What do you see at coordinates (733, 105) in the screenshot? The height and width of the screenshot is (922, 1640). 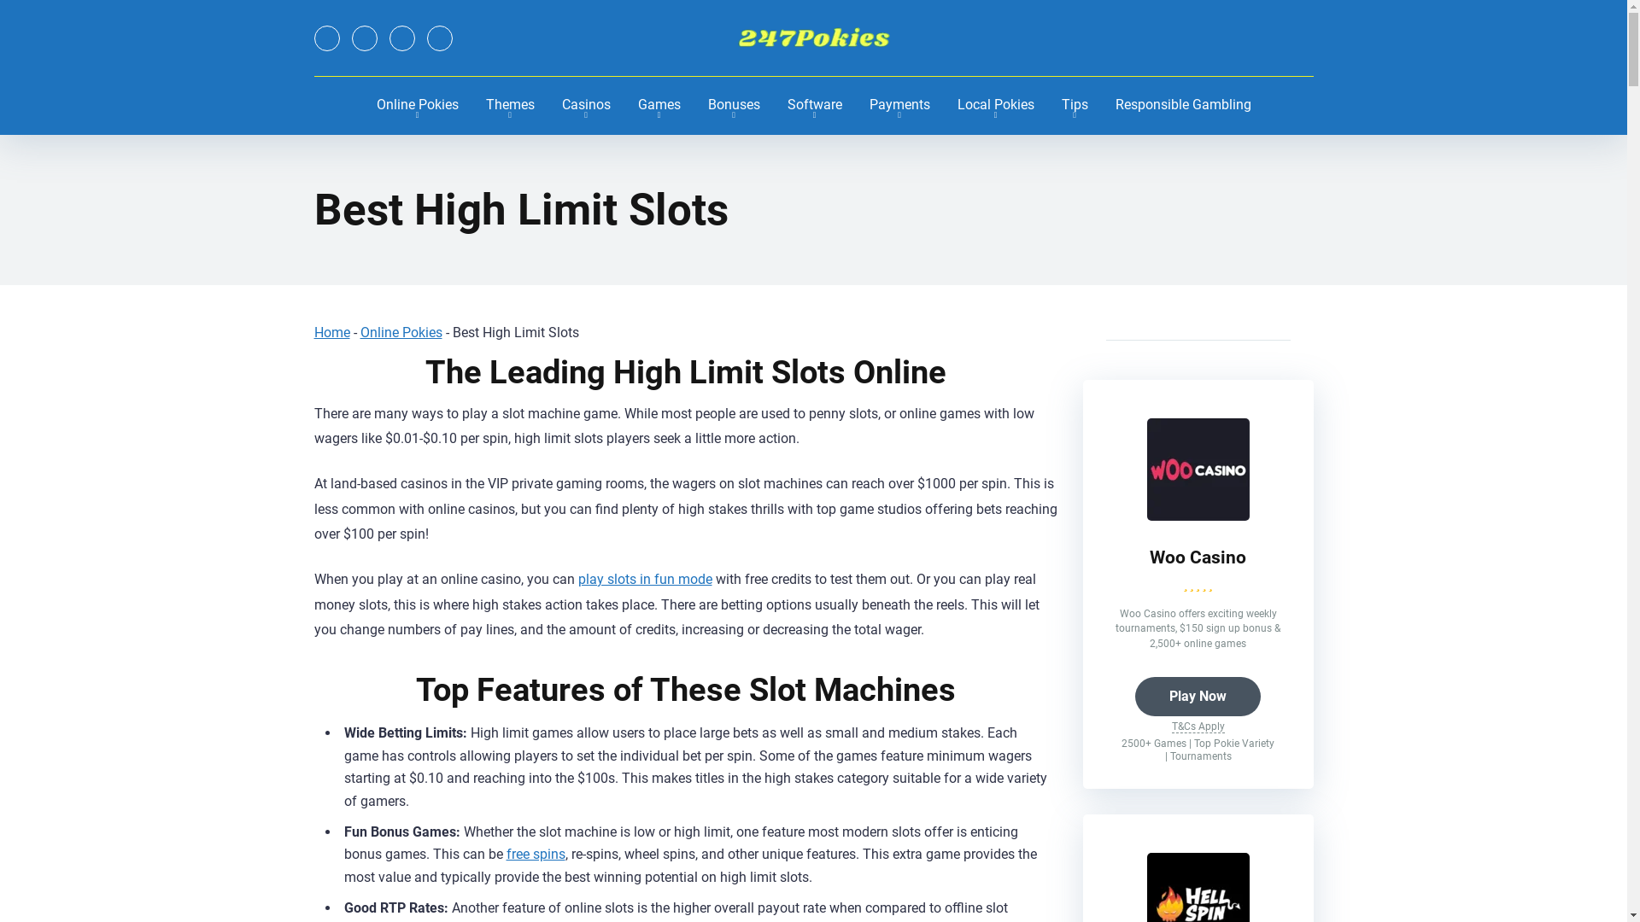 I see `'Bonuses'` at bounding box center [733, 105].